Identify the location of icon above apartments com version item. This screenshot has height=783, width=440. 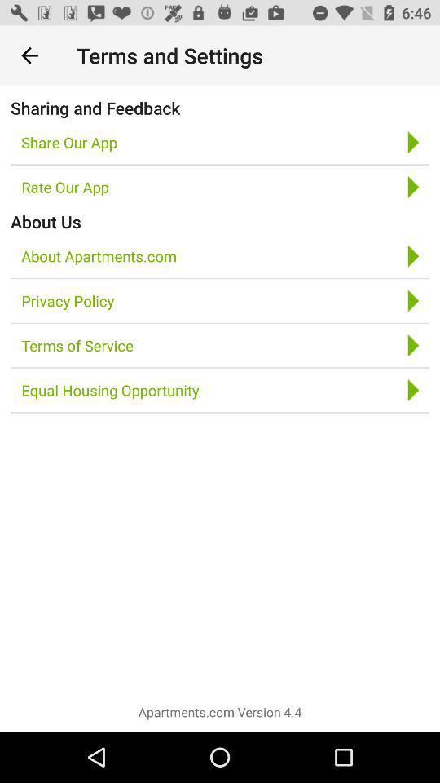
(110, 390).